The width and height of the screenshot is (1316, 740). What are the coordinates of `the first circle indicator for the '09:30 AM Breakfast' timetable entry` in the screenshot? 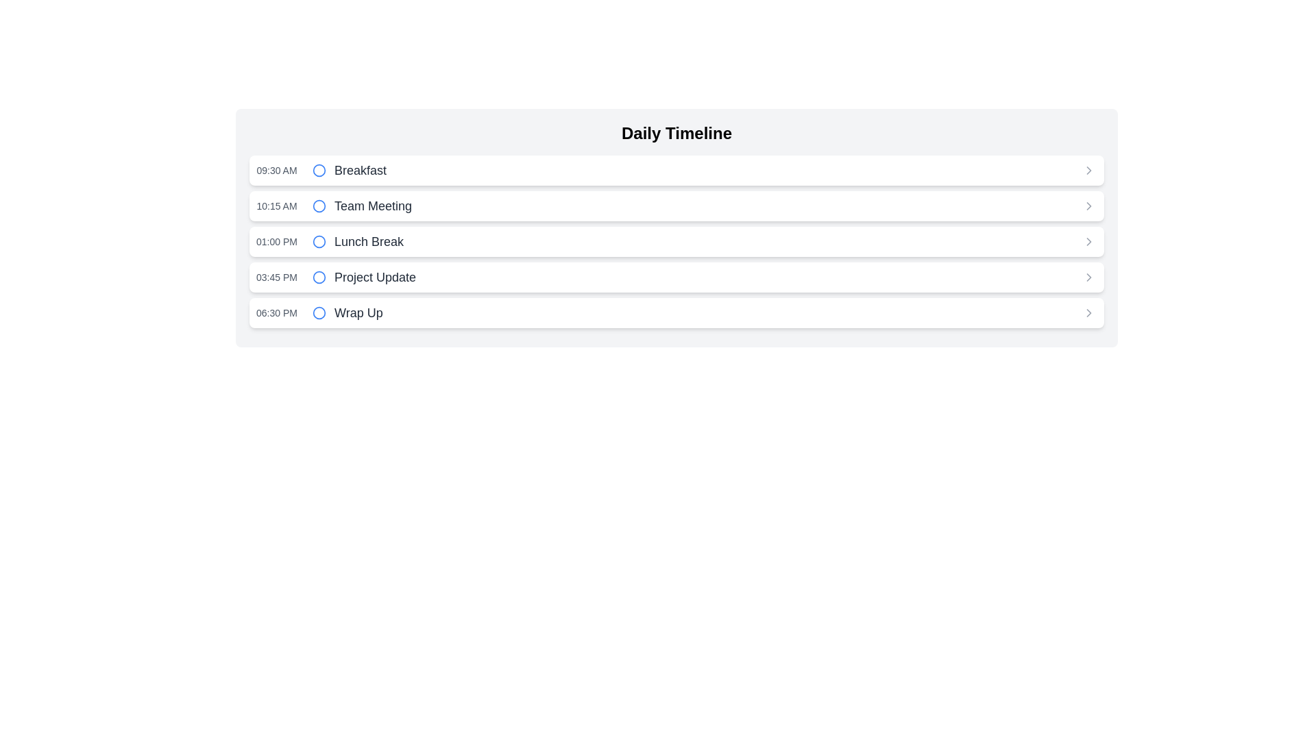 It's located at (318, 170).